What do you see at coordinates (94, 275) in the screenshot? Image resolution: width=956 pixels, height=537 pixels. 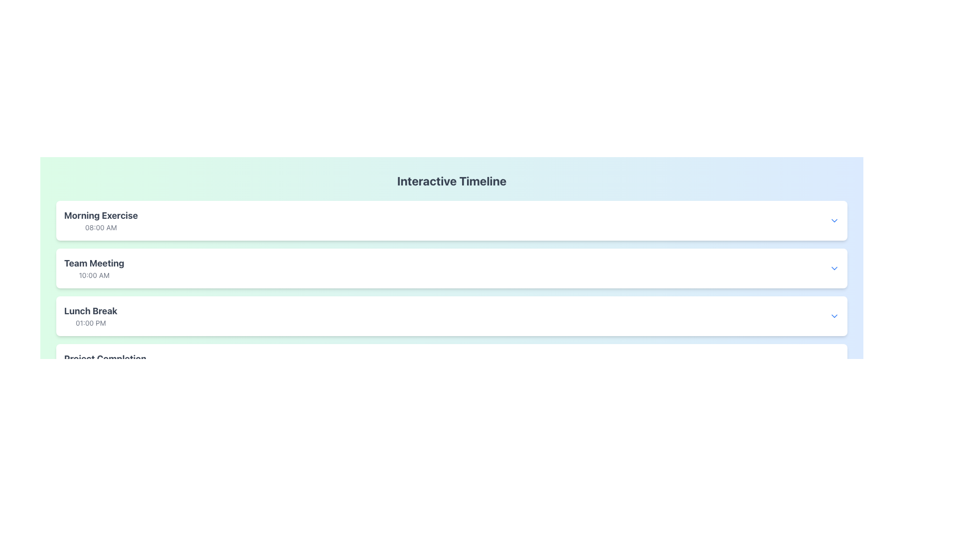 I see `the time indicator Text Label for the 'Team Meeting' event in the interactive timeline, located in the second row directly below its title` at bounding box center [94, 275].